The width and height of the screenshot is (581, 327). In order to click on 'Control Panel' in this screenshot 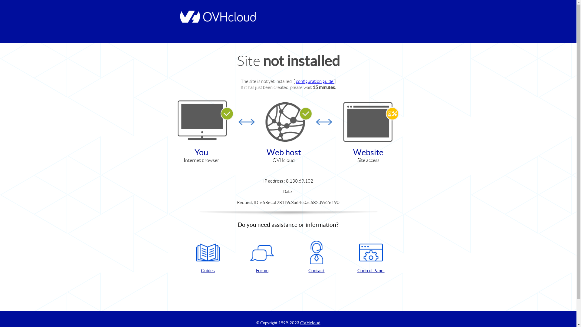, I will do `click(370, 257)`.